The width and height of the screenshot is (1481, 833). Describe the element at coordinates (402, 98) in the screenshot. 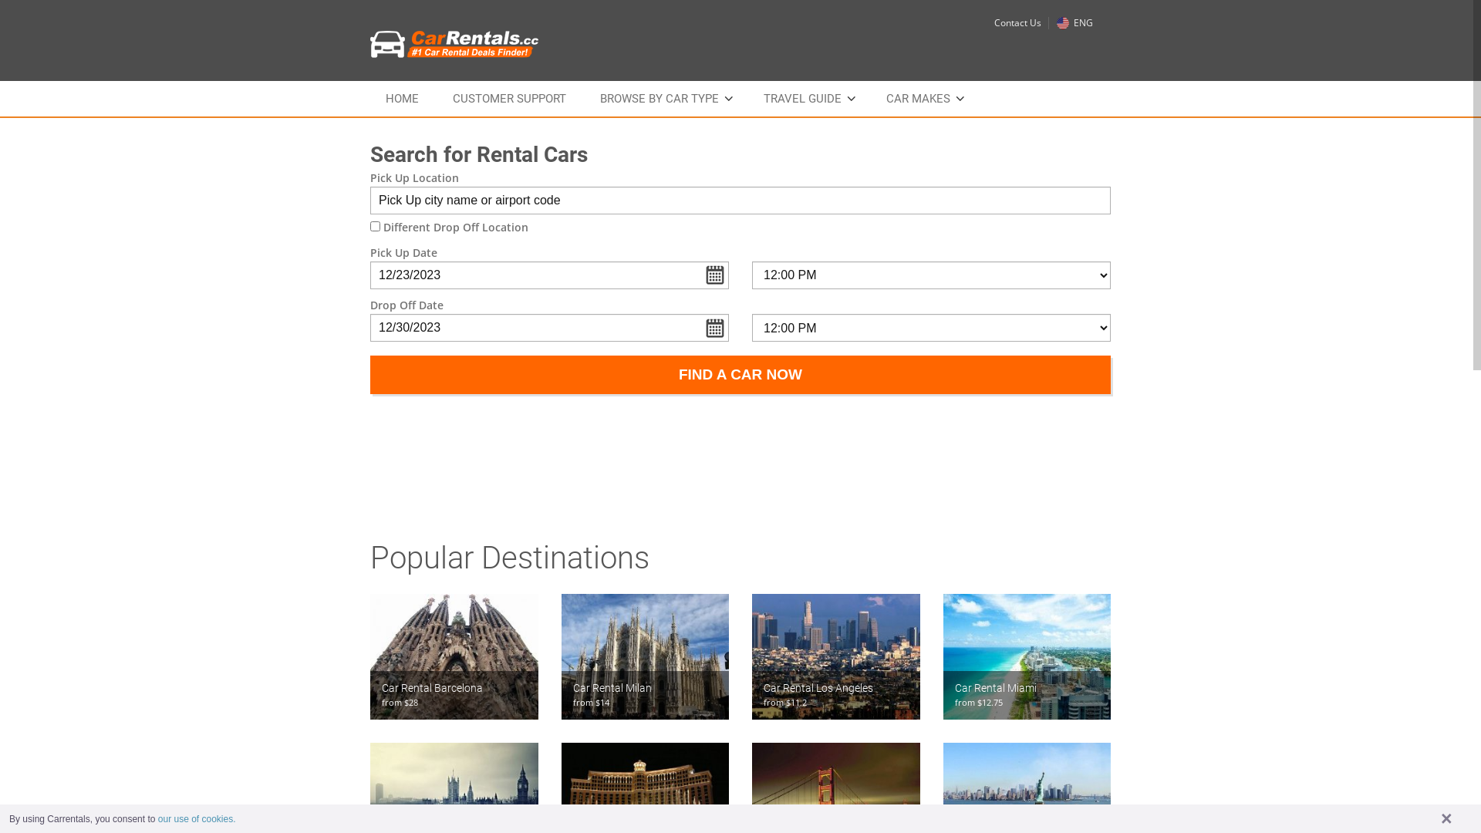

I see `'HOME'` at that location.